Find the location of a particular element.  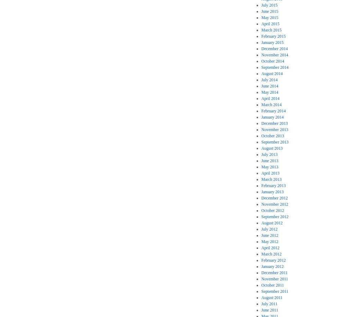

'April 2013' is located at coordinates (261, 173).